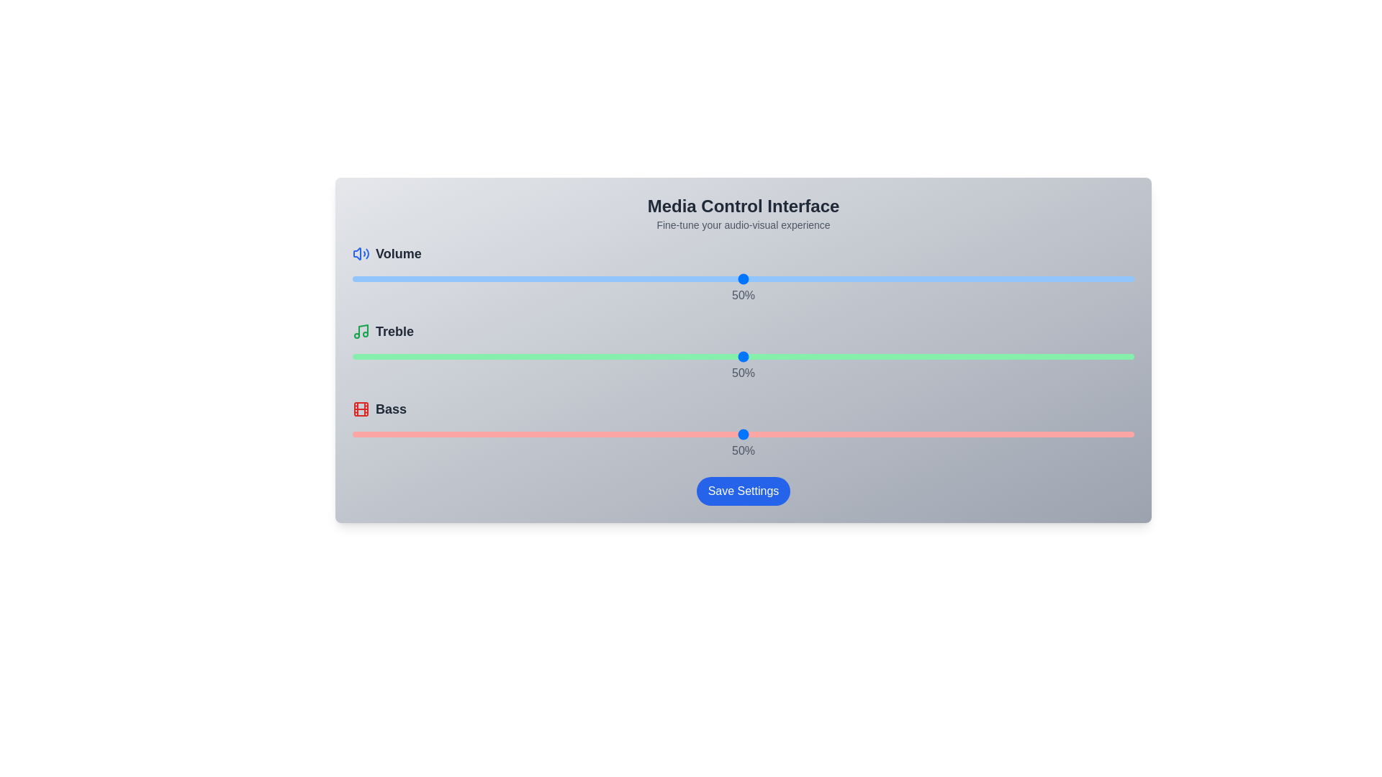  I want to click on bass level, so click(595, 434).